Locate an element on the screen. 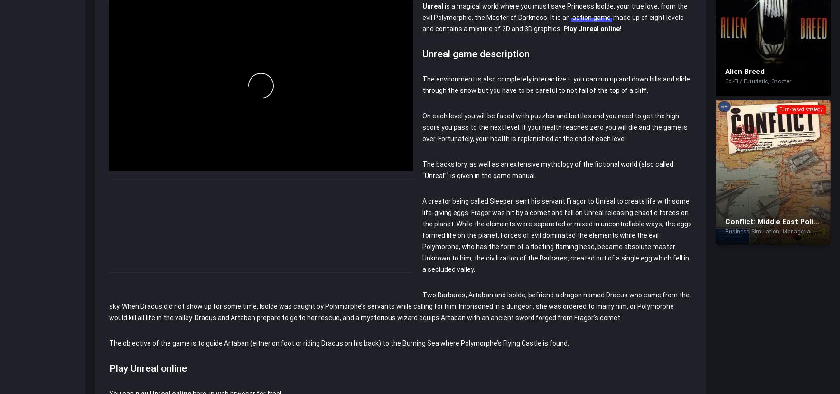  'The environment is also completely interactive – you can run up and down hills and slide through the snow but you have to be careful to not fall of the top of a cliff.' is located at coordinates (556, 83).